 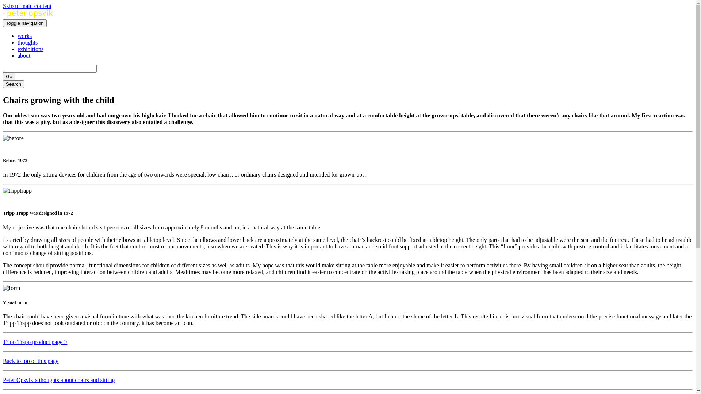 I want to click on 'Skip to main content', so click(x=27, y=6).